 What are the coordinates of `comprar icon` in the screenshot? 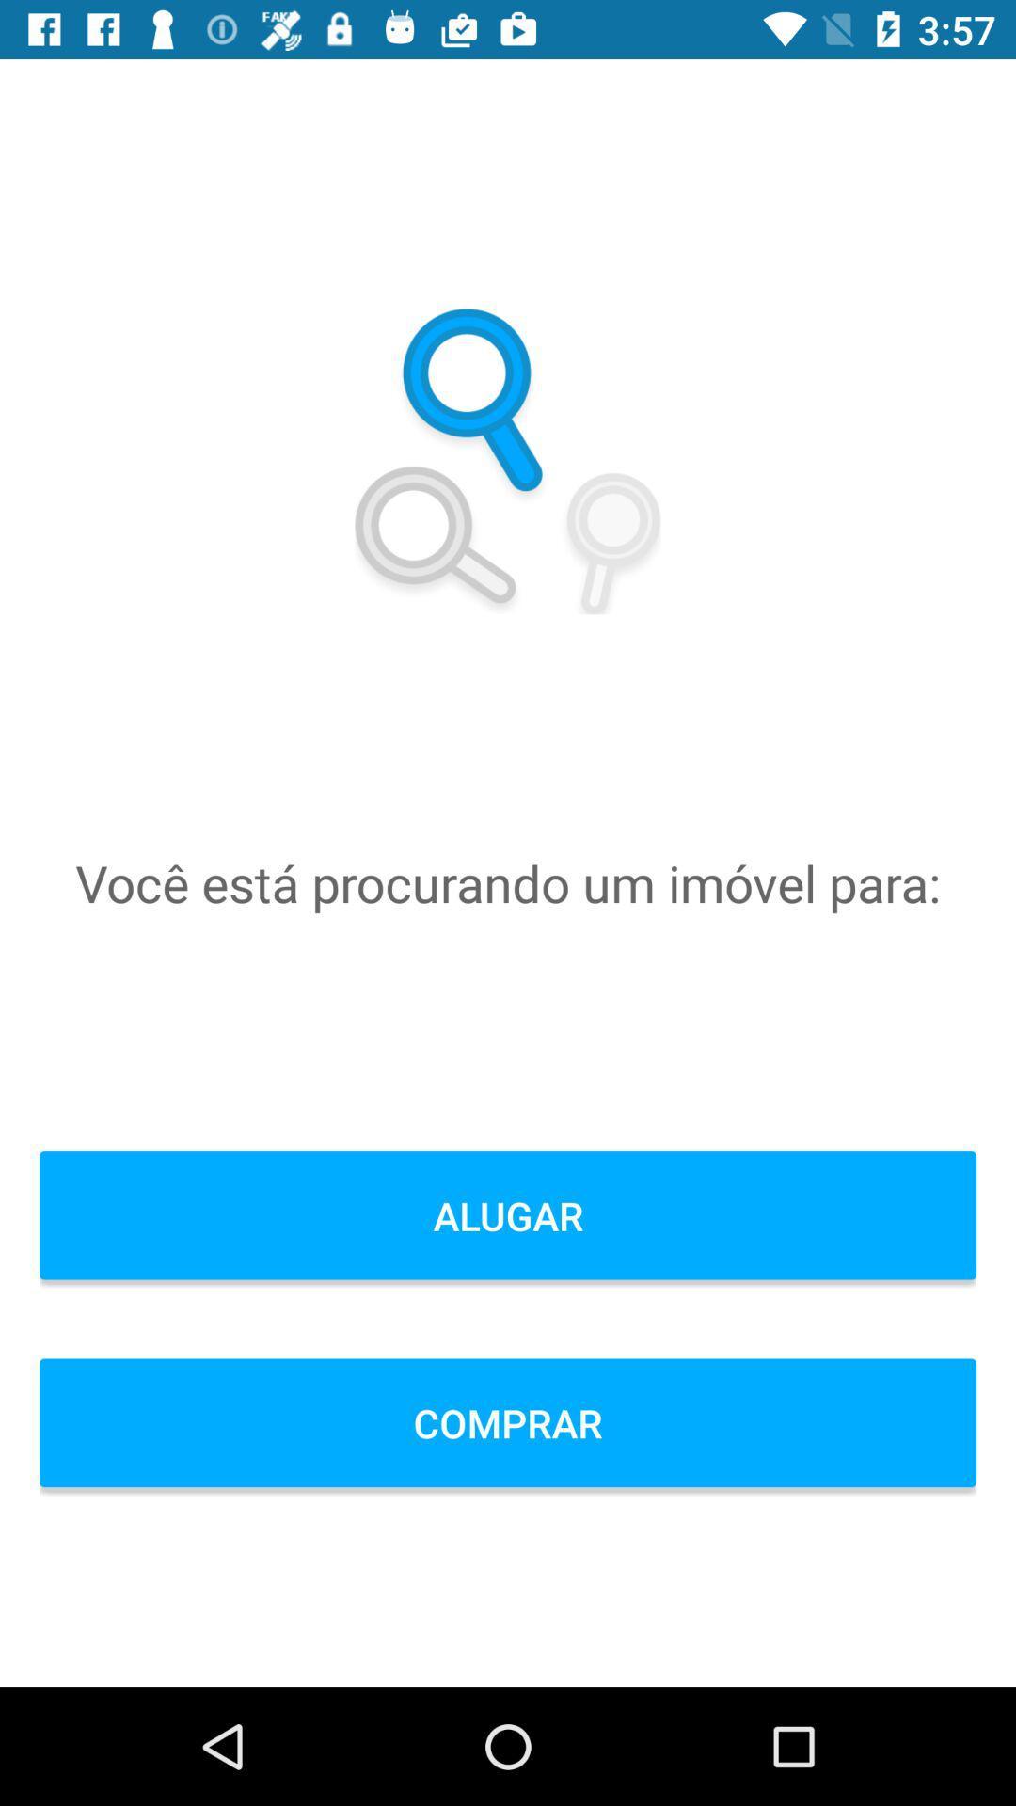 It's located at (508, 1422).